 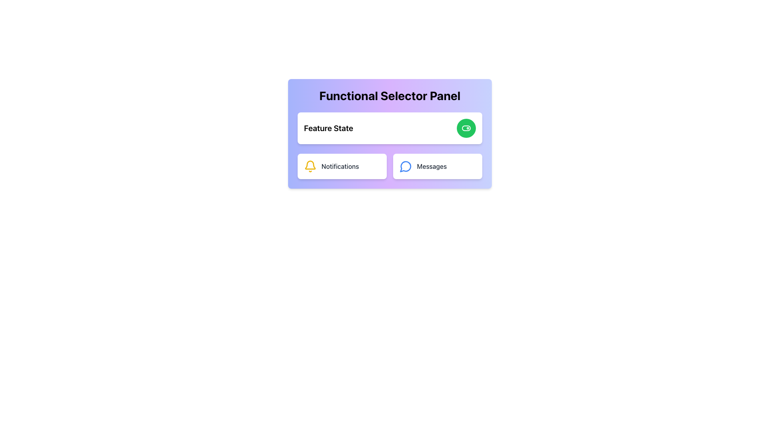 What do you see at coordinates (340, 166) in the screenshot?
I see `the Text Label indicating the notifications section, which is positioned to the left of the bell icon in the lower-left portion of the interface` at bounding box center [340, 166].